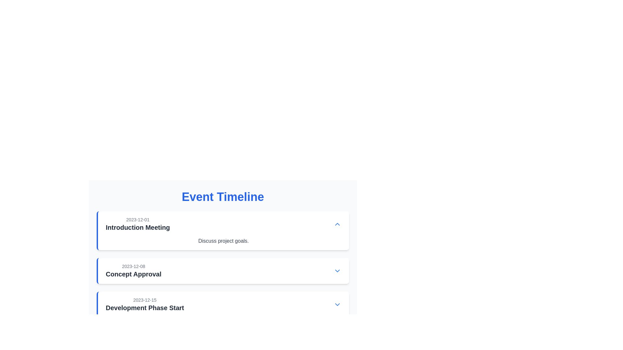  What do you see at coordinates (224, 271) in the screenshot?
I see `the second list item containing a date and title in the event timeline` at bounding box center [224, 271].